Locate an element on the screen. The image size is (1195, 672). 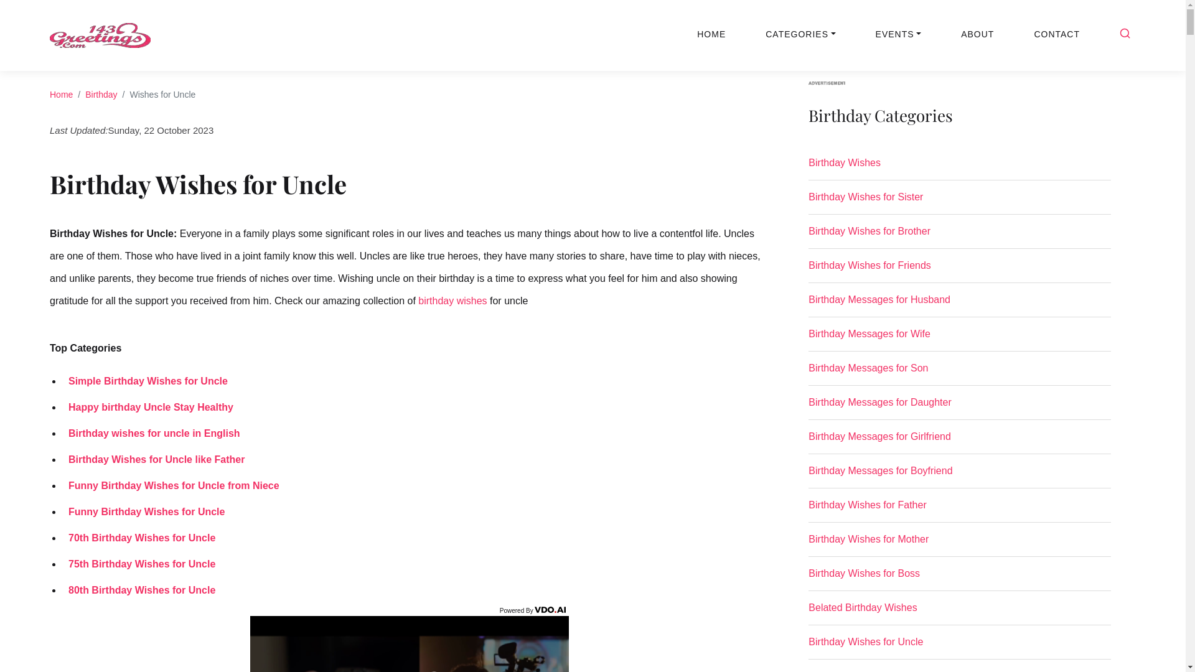
'Funny Birthday Wishes for Uncle from Niece' is located at coordinates (170, 485).